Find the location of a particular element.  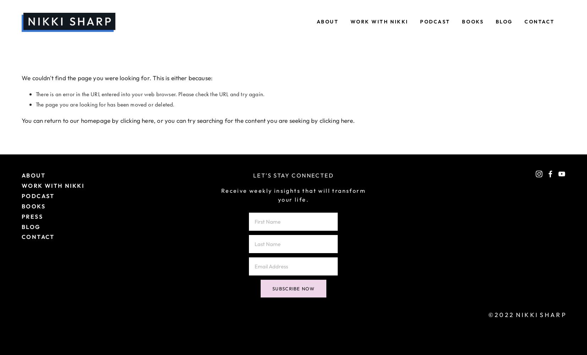

'SUBSCRIBE NOW' is located at coordinates (272, 288).